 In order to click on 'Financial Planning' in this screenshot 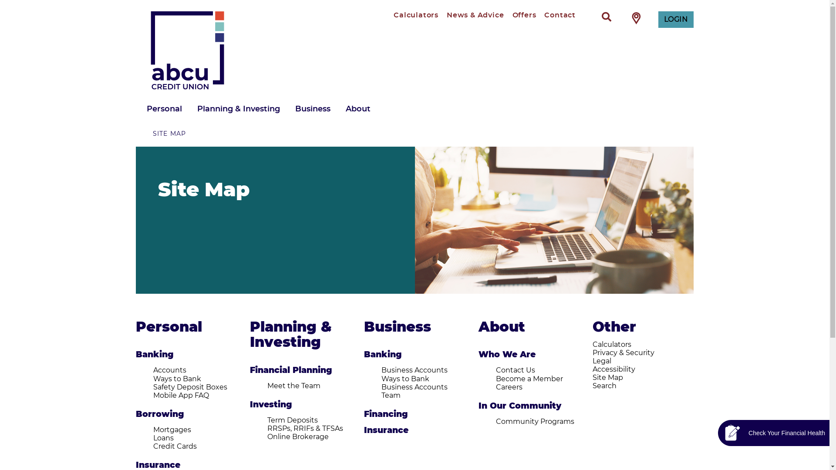, I will do `click(291, 370)`.